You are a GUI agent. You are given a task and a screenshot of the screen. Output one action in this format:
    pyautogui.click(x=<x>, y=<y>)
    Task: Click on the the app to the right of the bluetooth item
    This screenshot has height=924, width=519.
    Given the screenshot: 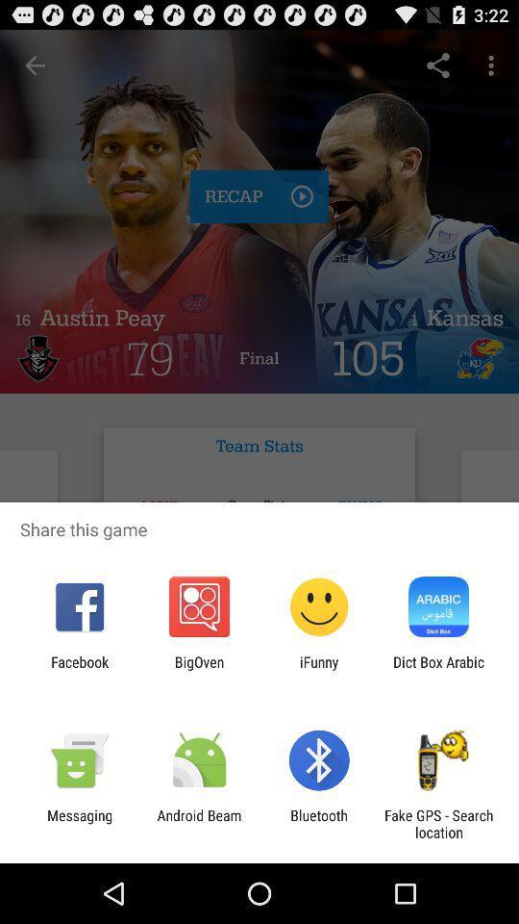 What is the action you would take?
    pyautogui.click(x=438, y=823)
    